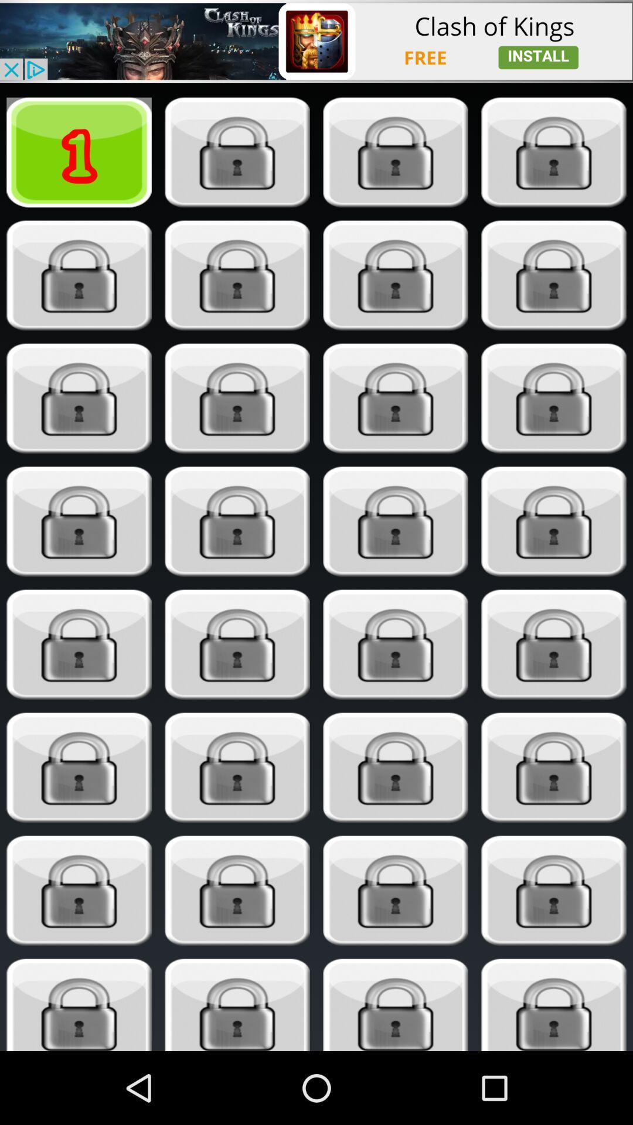  What do you see at coordinates (554, 768) in the screenshot?
I see `select` at bounding box center [554, 768].